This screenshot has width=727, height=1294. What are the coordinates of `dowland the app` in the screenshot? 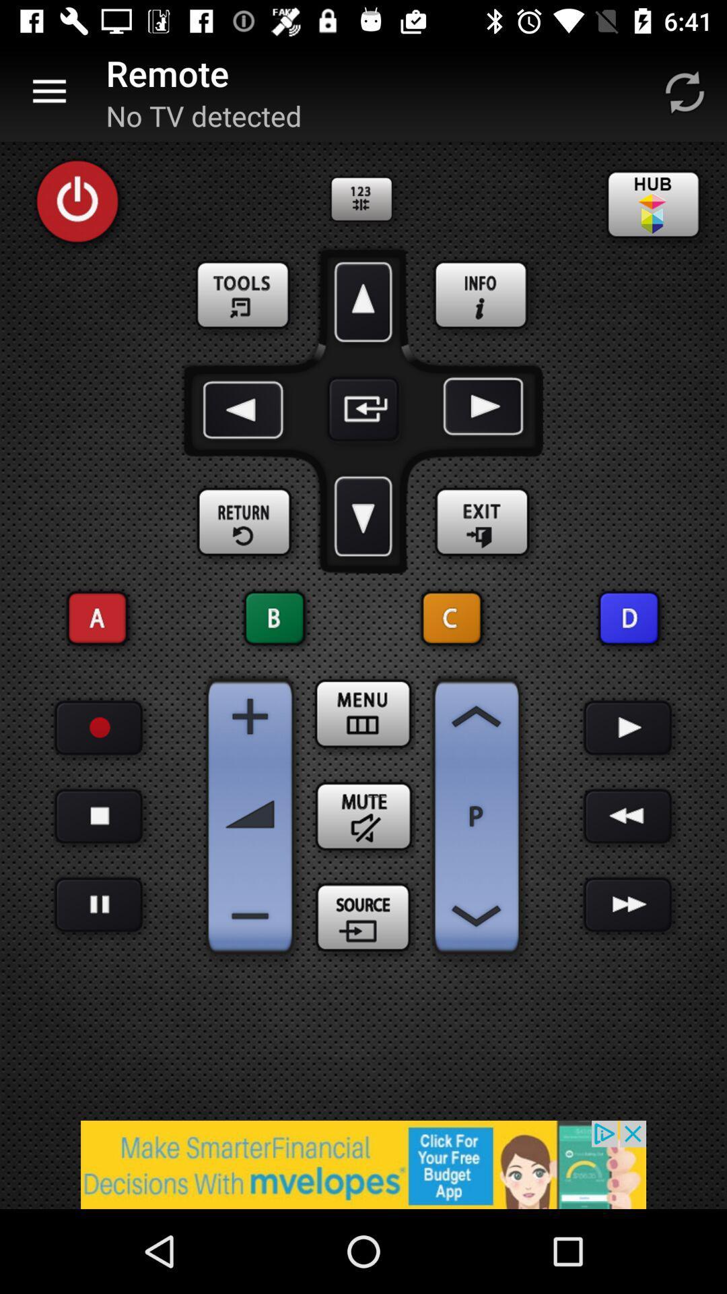 It's located at (363, 516).